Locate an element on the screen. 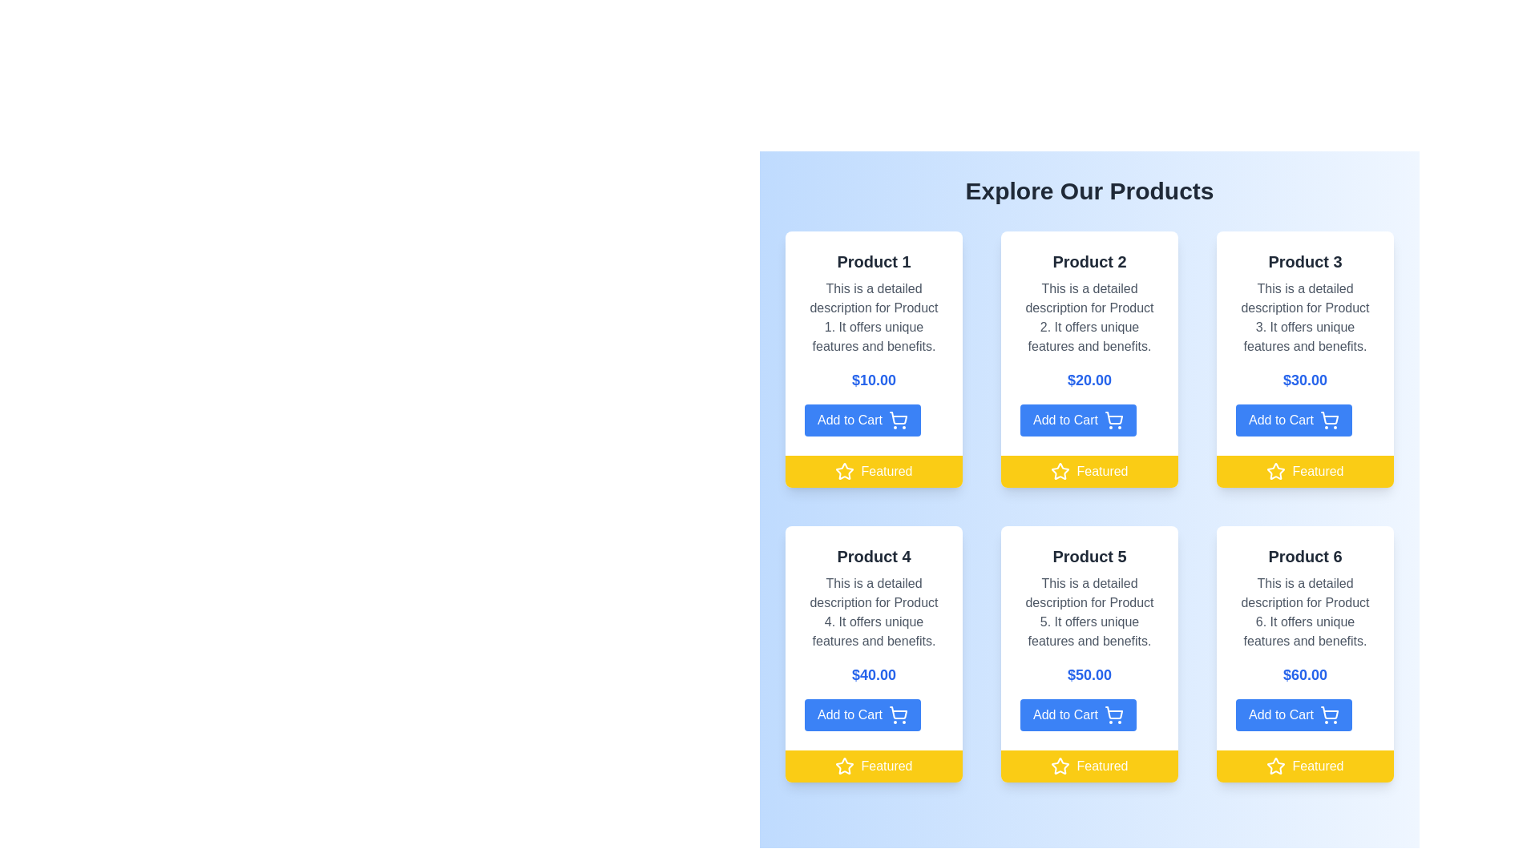 The height and width of the screenshot is (865, 1539). the 'Add to Cart' button with a blue background and white text located at the bottom of the 'Product 1' card is located at coordinates (862, 419).